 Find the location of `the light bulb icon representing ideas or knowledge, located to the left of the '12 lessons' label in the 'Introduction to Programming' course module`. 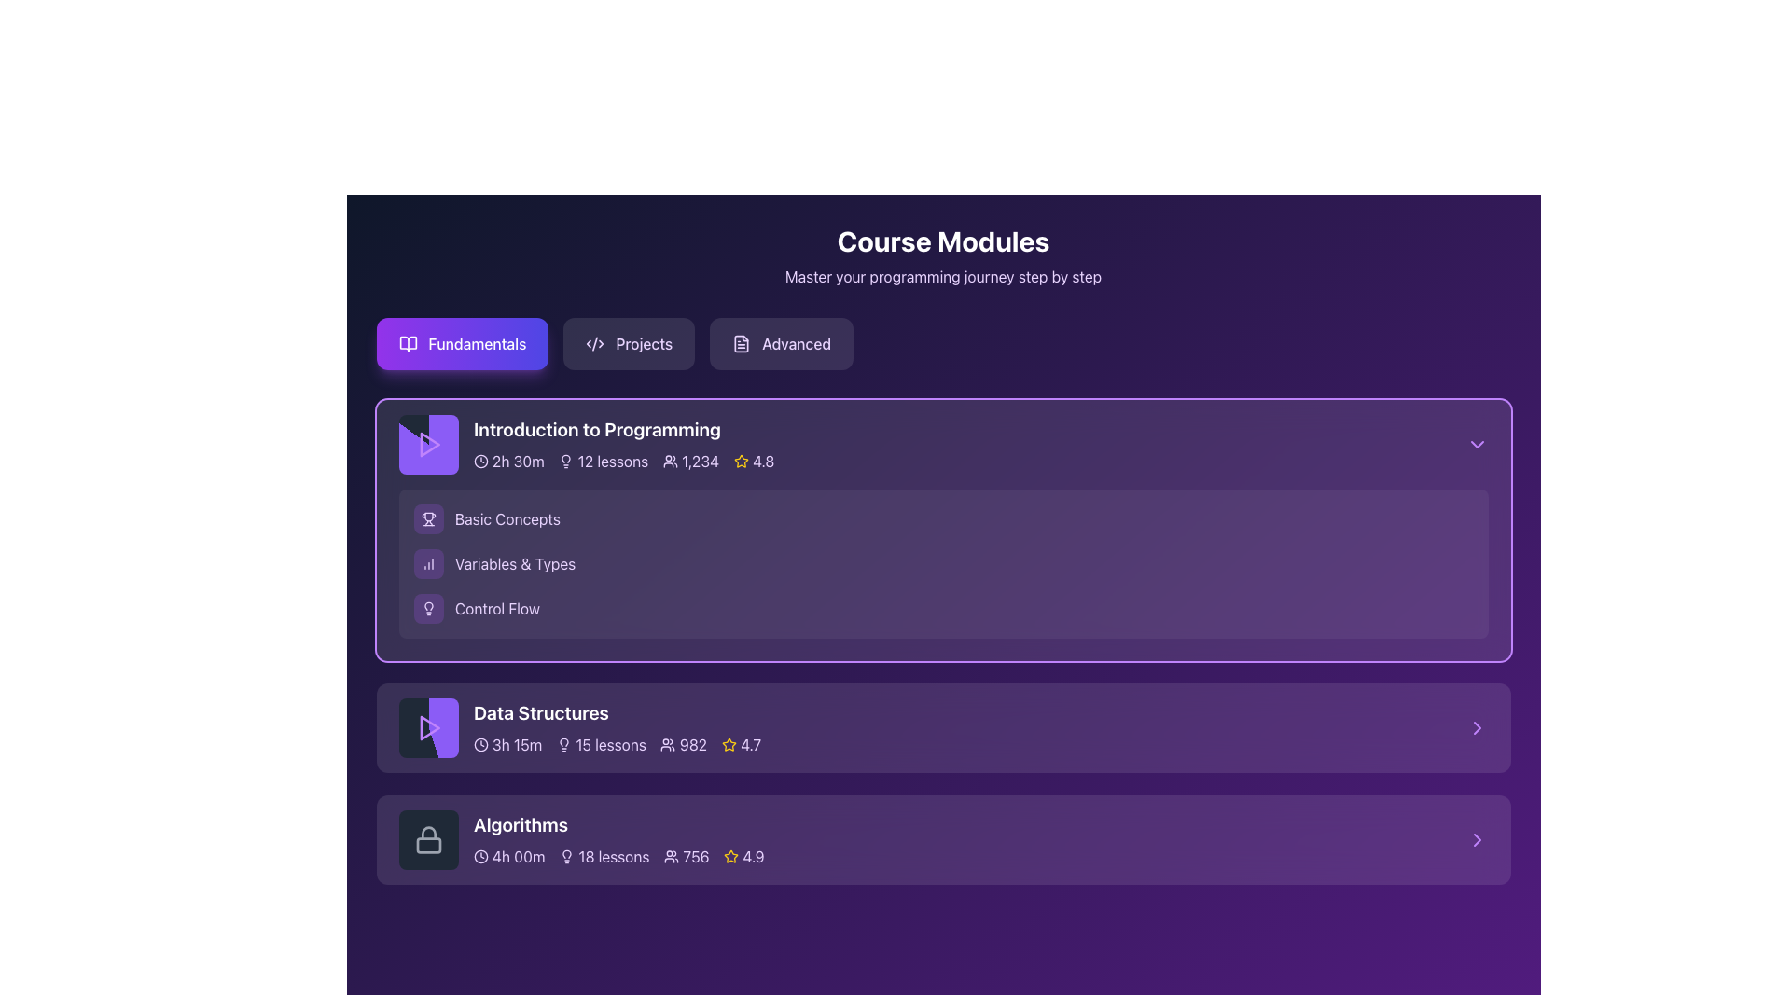

the light bulb icon representing ideas or knowledge, located to the left of the '12 lessons' label in the 'Introduction to Programming' course module is located at coordinates (565, 461).